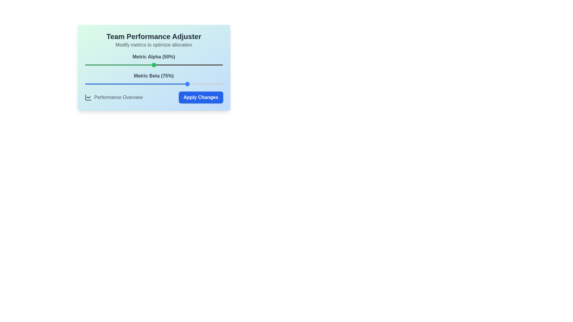 The width and height of the screenshot is (573, 322). Describe the element at coordinates (145, 65) in the screenshot. I see `the Metric Alpha slider to set its value to 44` at that location.